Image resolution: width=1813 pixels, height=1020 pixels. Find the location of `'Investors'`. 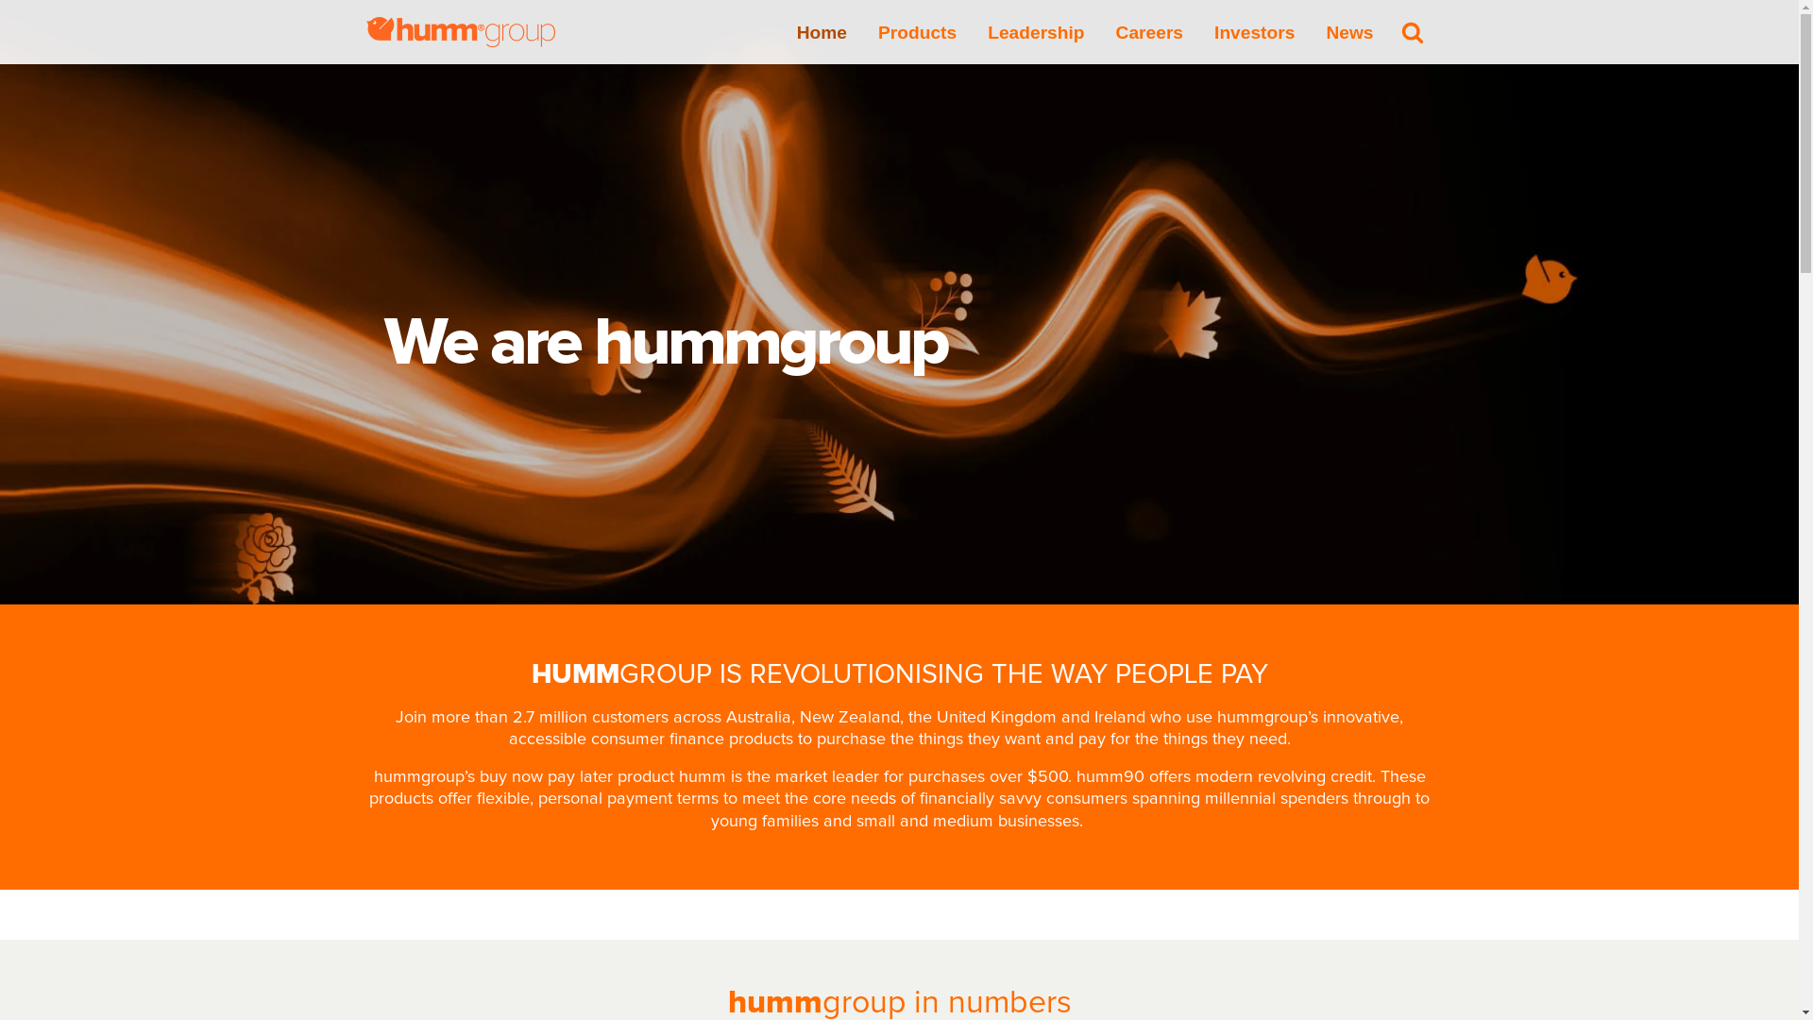

'Investors' is located at coordinates (1214, 31).